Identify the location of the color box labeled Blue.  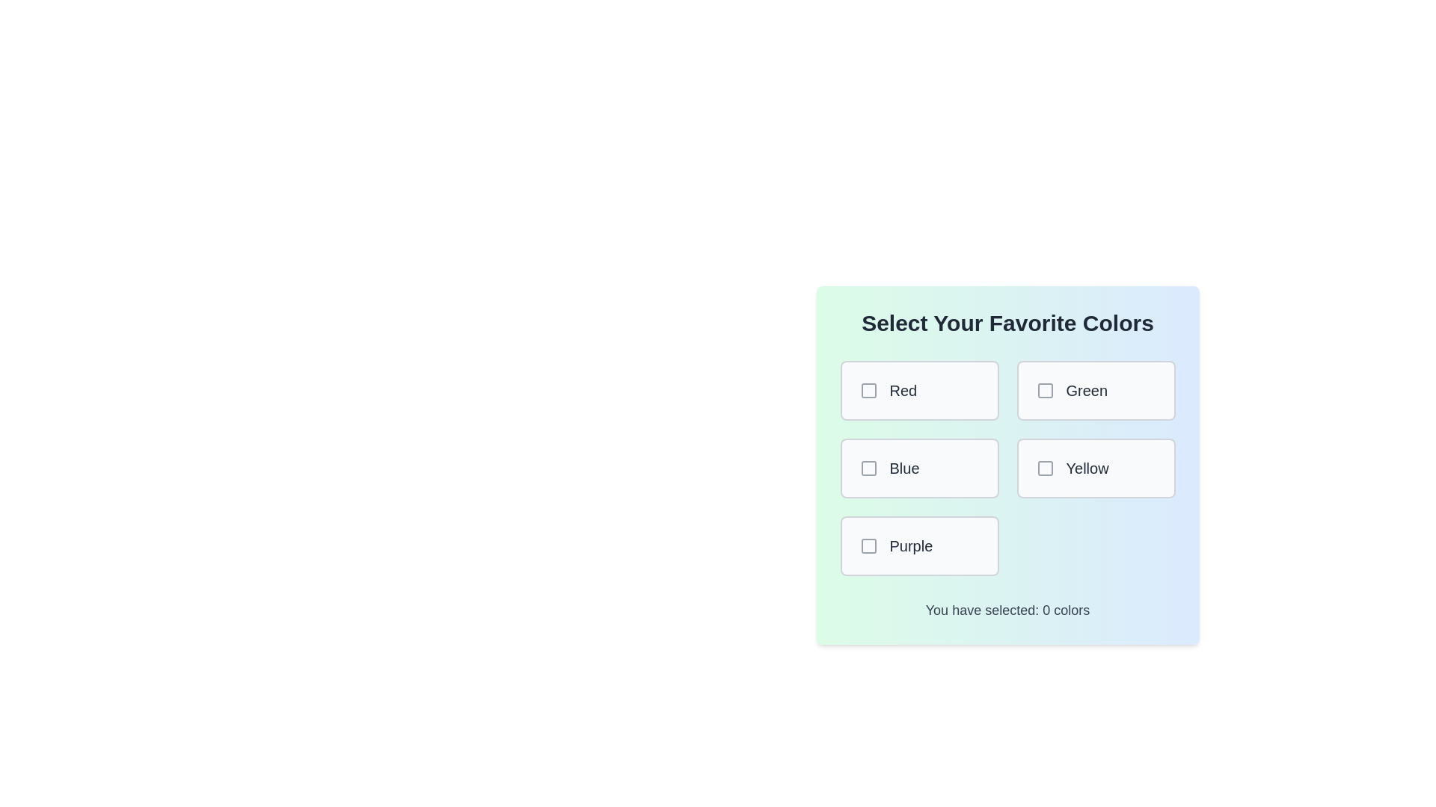
(918, 468).